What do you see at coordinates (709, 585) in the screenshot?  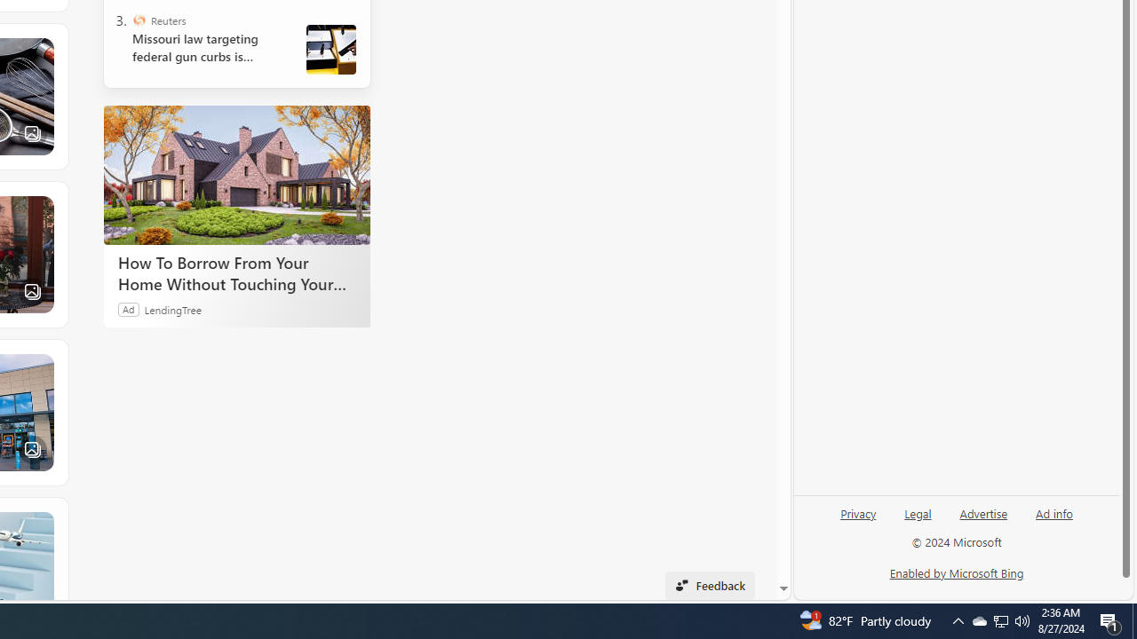 I see `'Feedback'` at bounding box center [709, 585].